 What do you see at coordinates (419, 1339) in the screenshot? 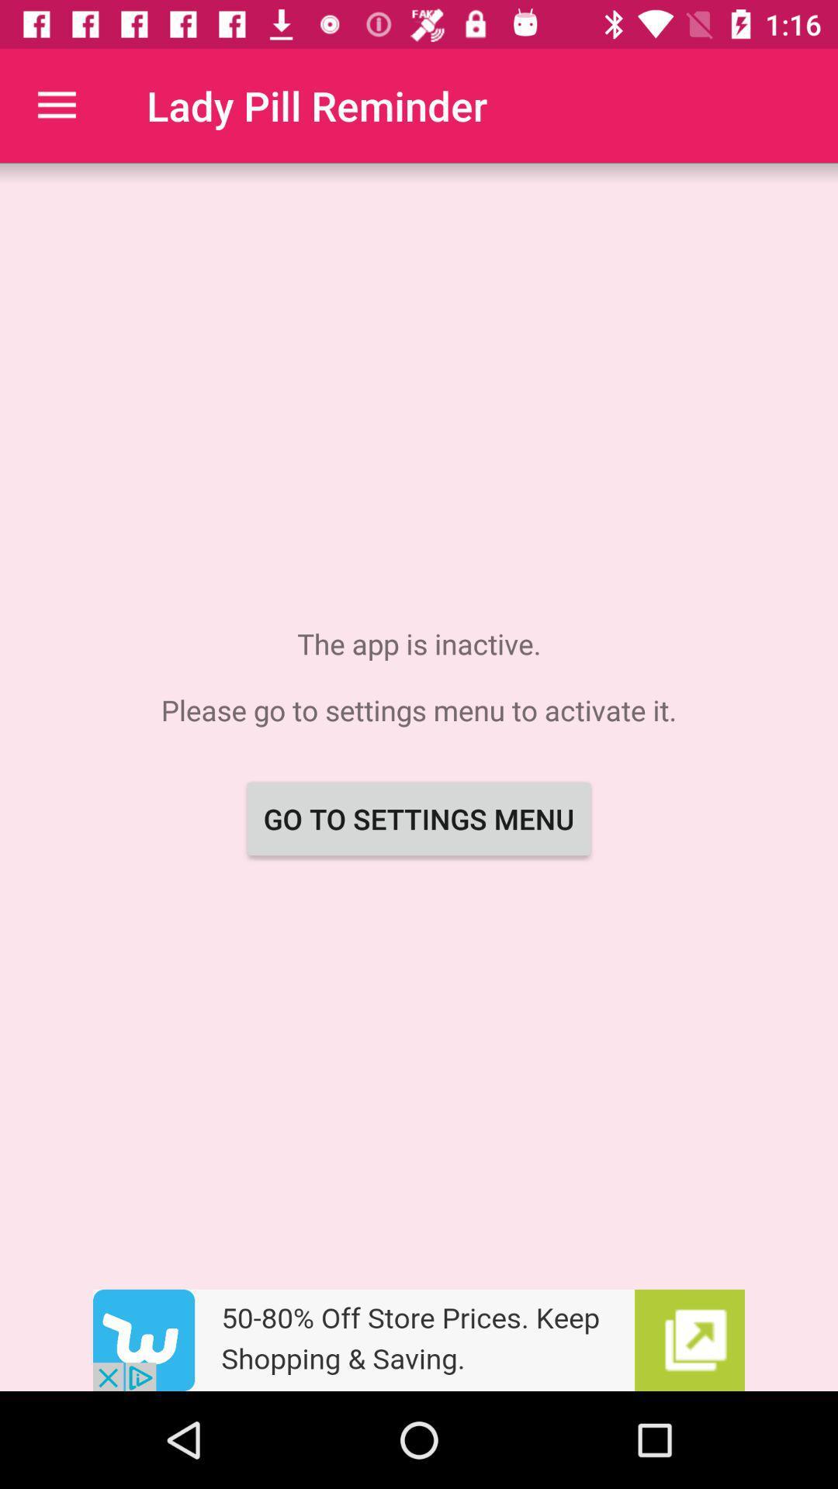
I see `advertisement` at bounding box center [419, 1339].